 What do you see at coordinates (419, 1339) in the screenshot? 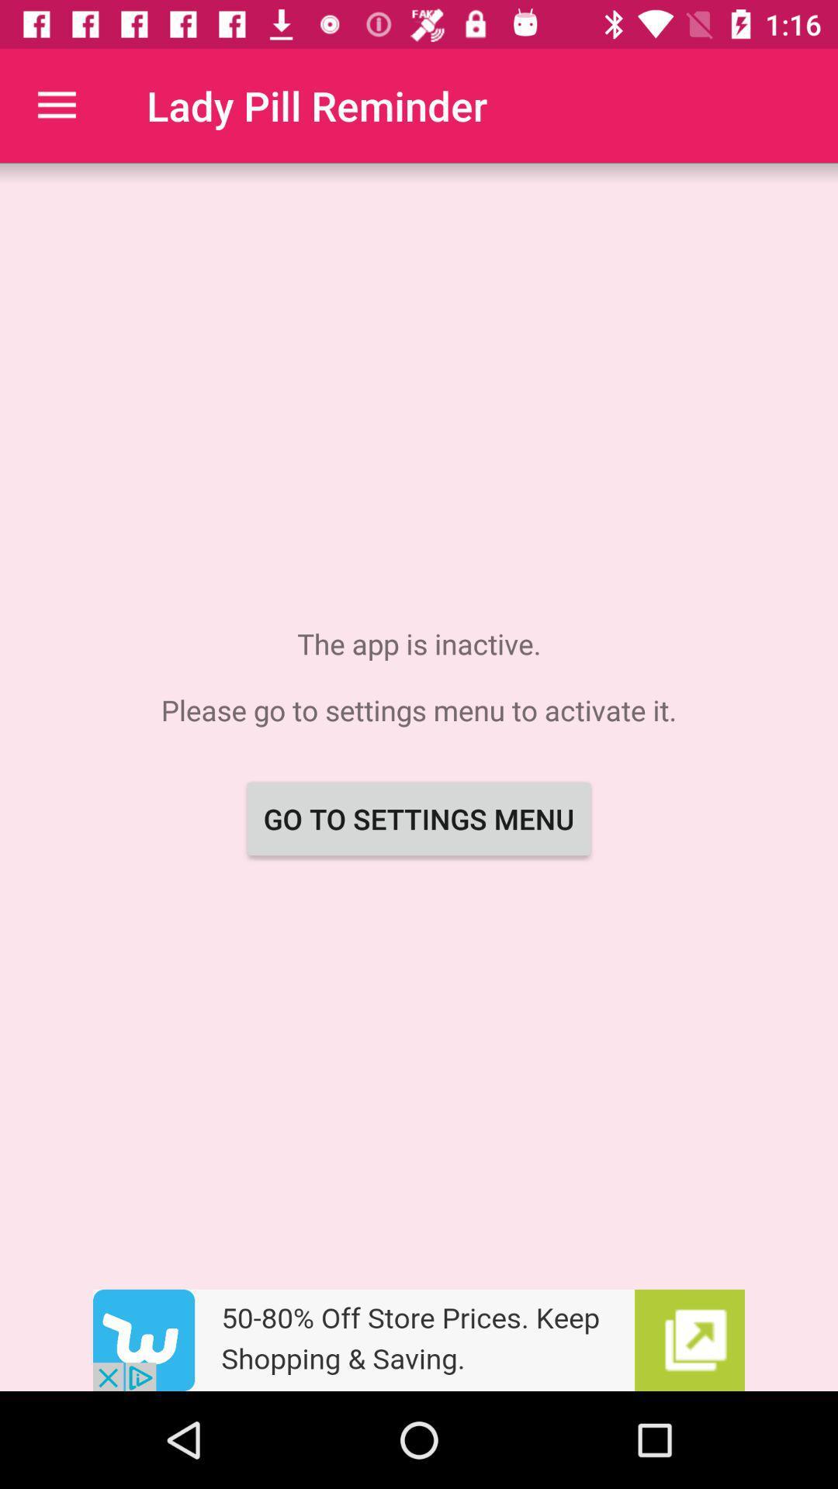
I see `advertisement` at bounding box center [419, 1339].